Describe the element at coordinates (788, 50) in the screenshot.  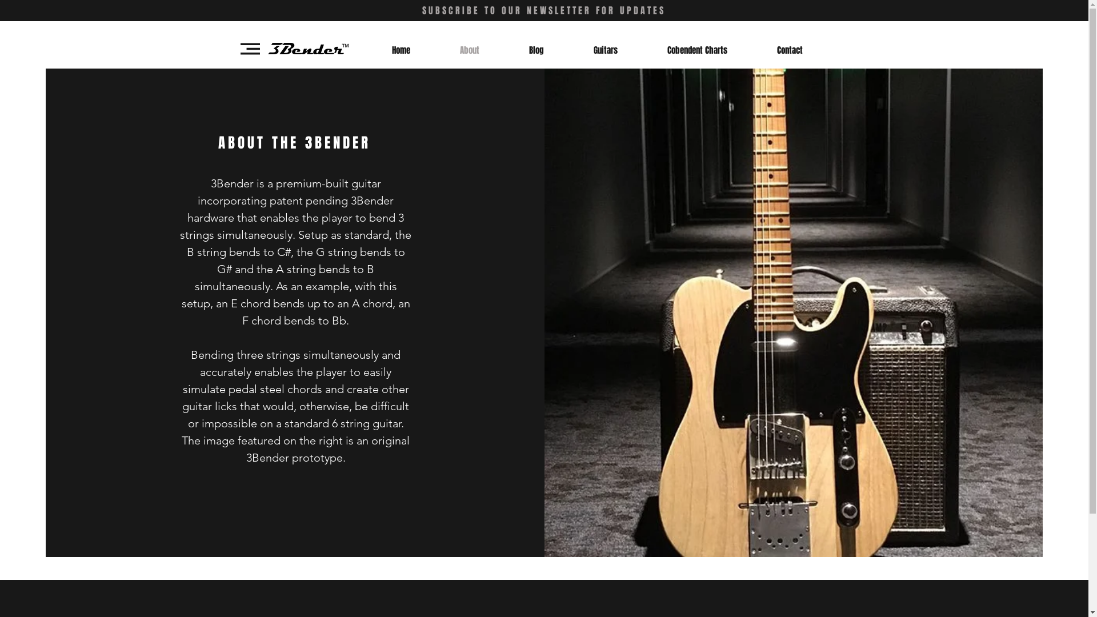
I see `'Contact'` at that location.